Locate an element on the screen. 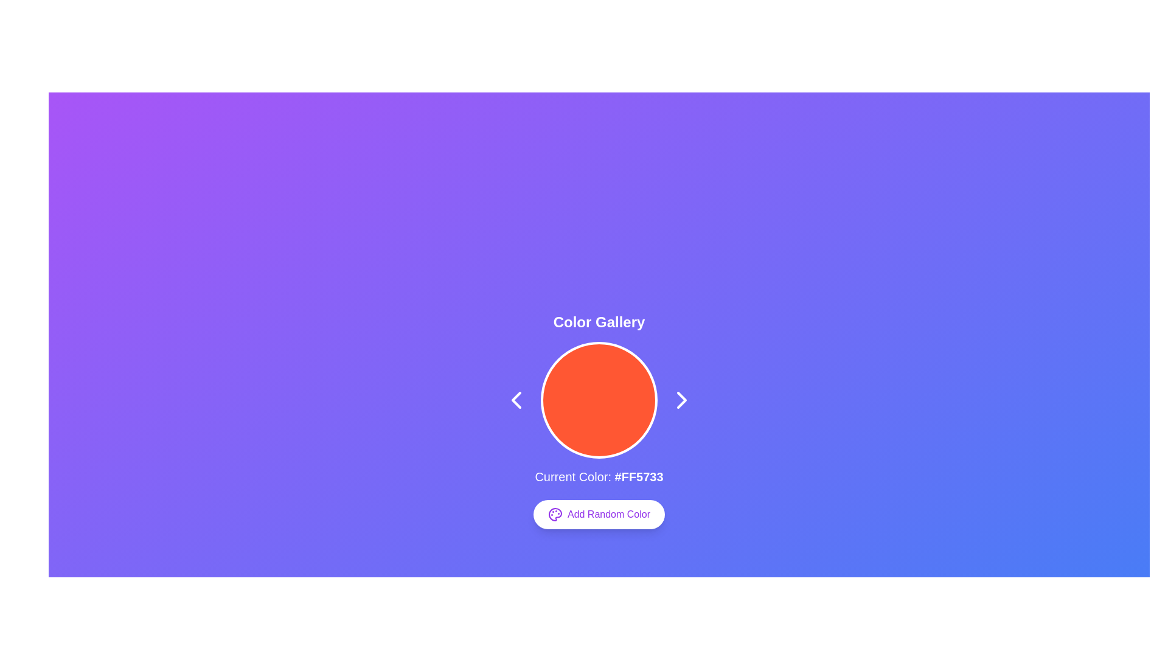 The width and height of the screenshot is (1168, 657). the navigational button located to the left of the circular color block to go to the previous item in the gallery is located at coordinates (516, 400).